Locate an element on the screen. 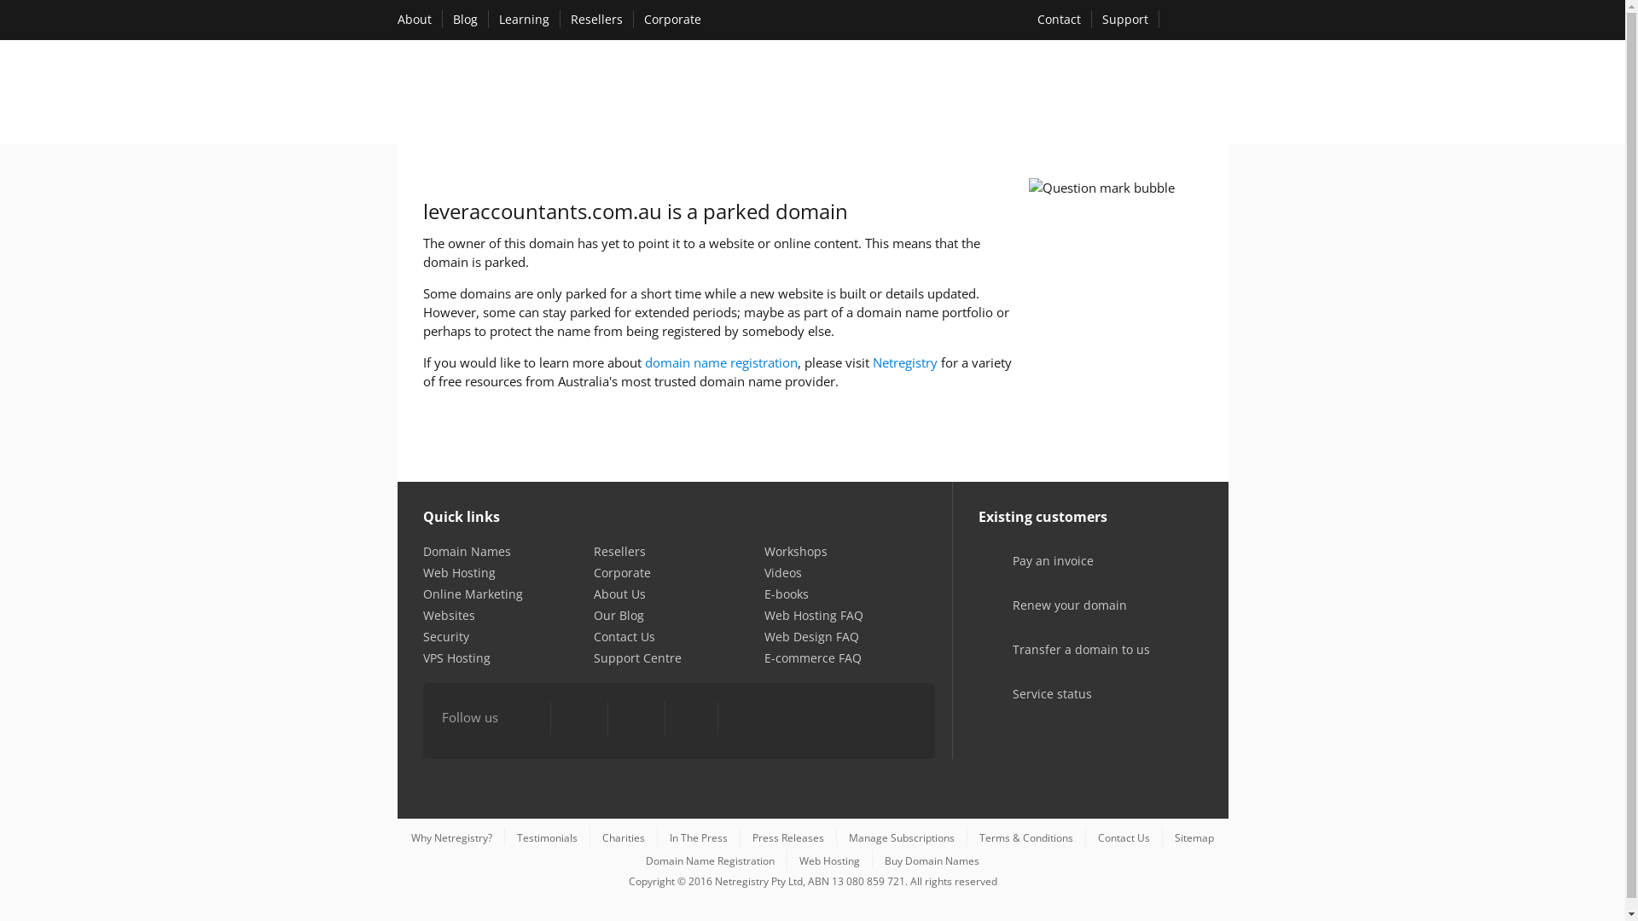 The width and height of the screenshot is (1638, 921). 'Testimonials' is located at coordinates (547, 837).